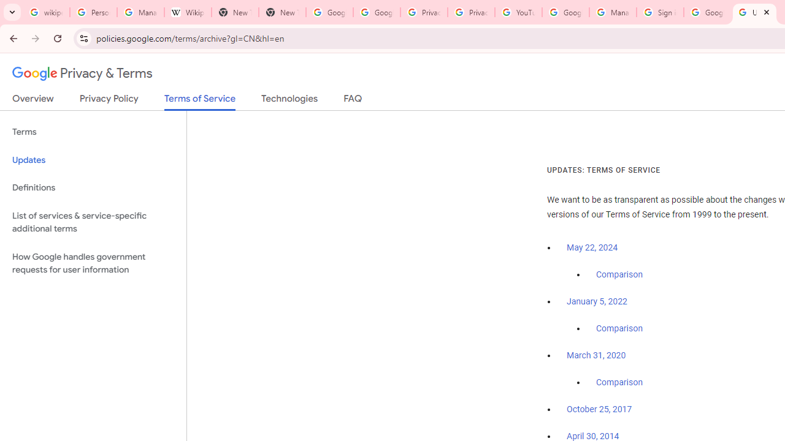 The image size is (785, 441). I want to click on 'Google Account Help', so click(565, 12).